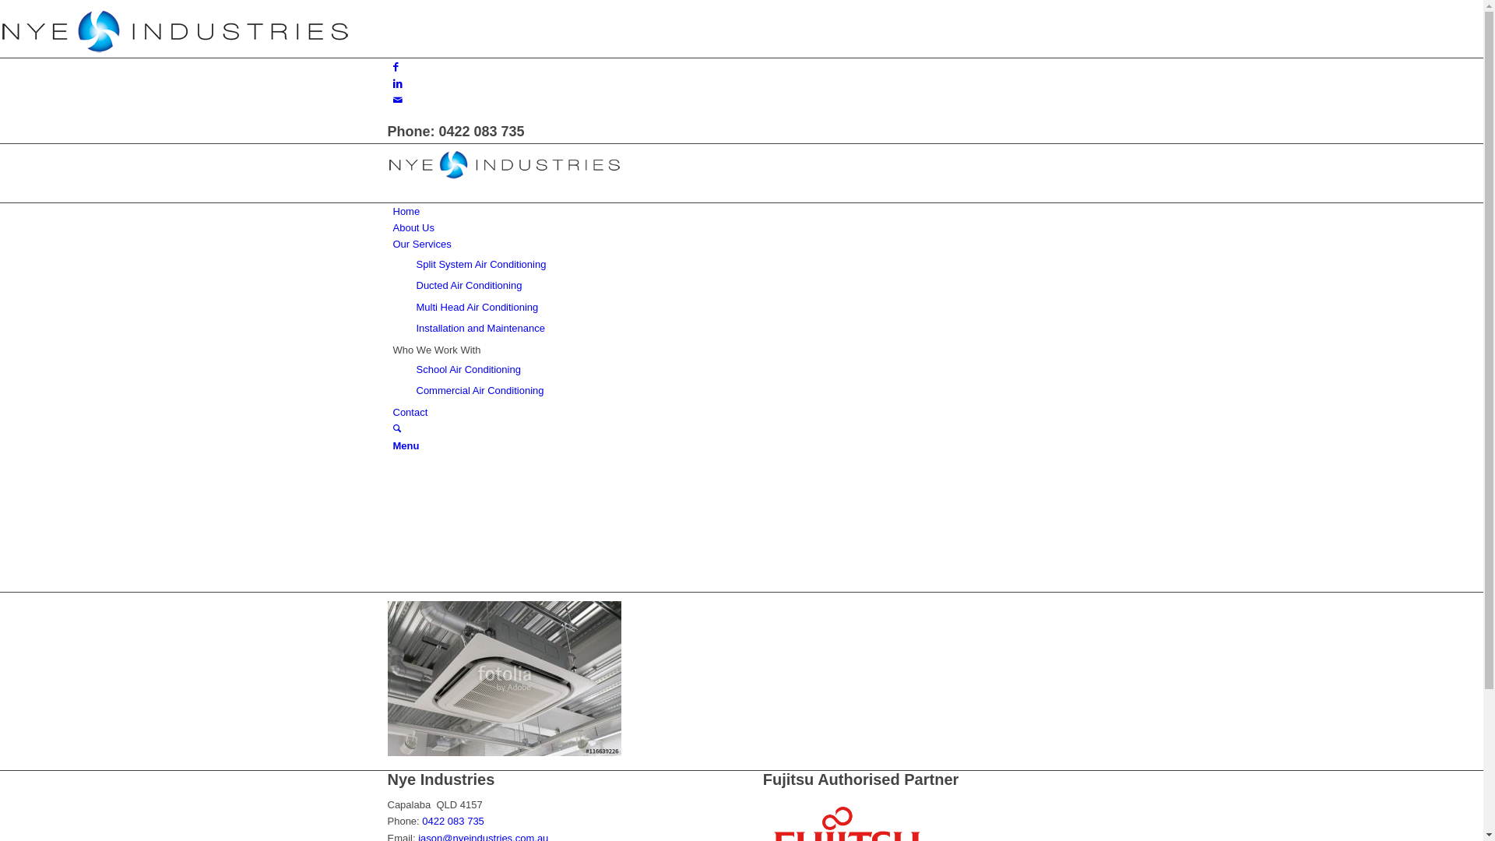 This screenshot has height=841, width=1495. Describe the element at coordinates (406, 445) in the screenshot. I see `'Menu'` at that location.